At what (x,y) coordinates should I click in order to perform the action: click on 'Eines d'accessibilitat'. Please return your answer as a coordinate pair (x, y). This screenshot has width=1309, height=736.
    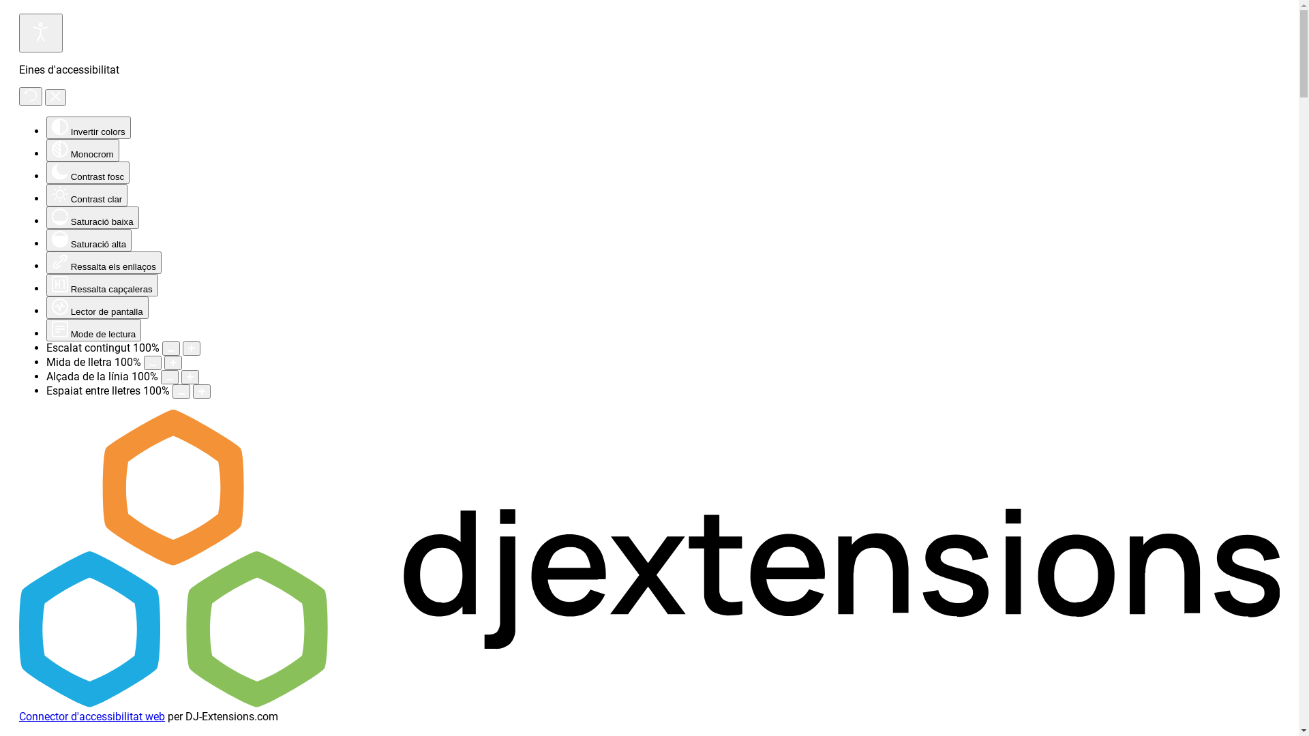
    Looking at the image, I should click on (40, 32).